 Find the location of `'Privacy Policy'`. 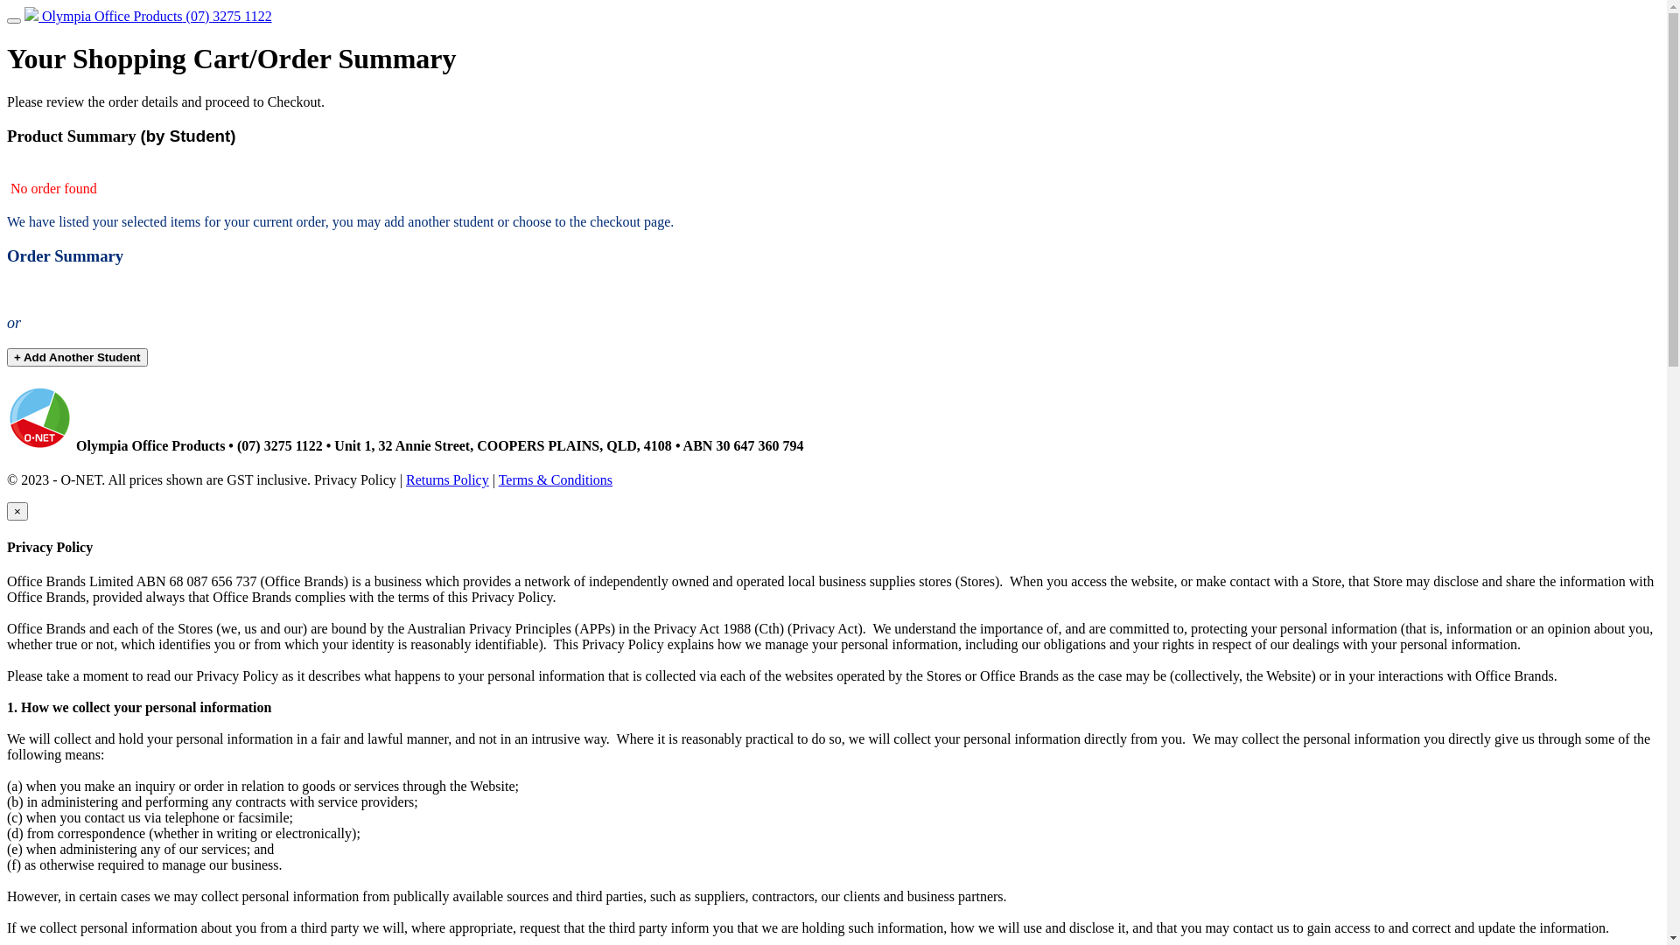

'Privacy Policy' is located at coordinates (354, 479).